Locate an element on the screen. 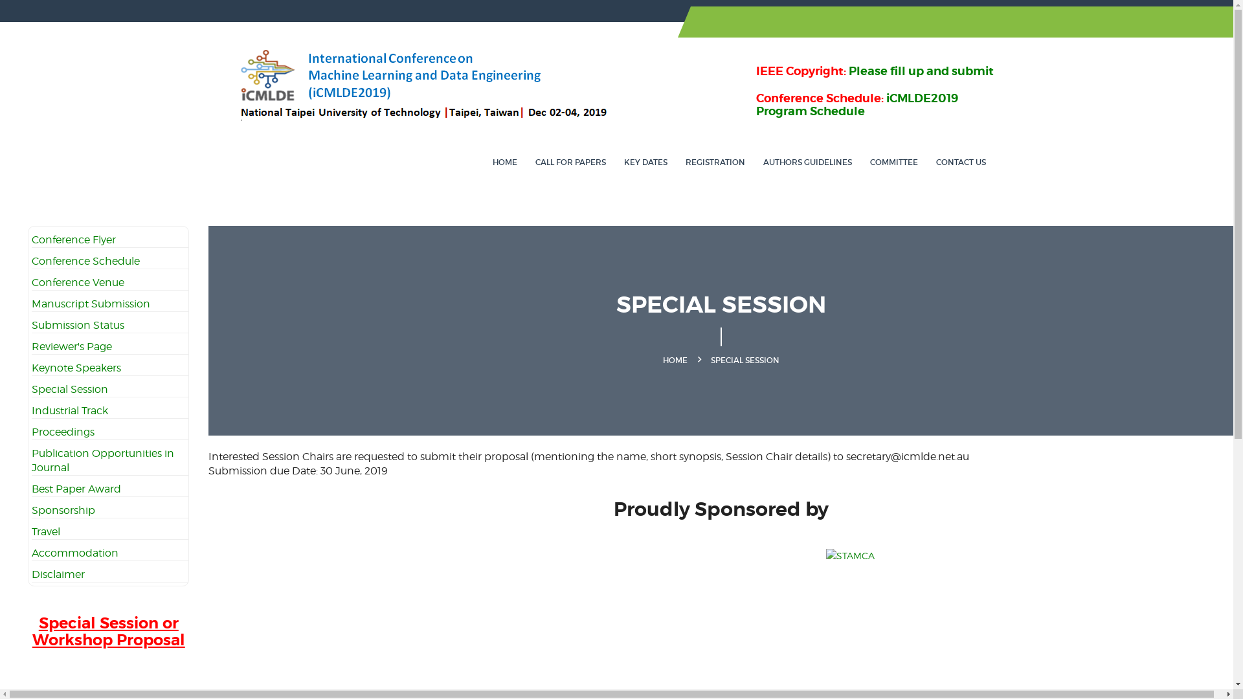 This screenshot has height=699, width=1243. 'iCMLDE2019 Program Schedule' is located at coordinates (857, 104).